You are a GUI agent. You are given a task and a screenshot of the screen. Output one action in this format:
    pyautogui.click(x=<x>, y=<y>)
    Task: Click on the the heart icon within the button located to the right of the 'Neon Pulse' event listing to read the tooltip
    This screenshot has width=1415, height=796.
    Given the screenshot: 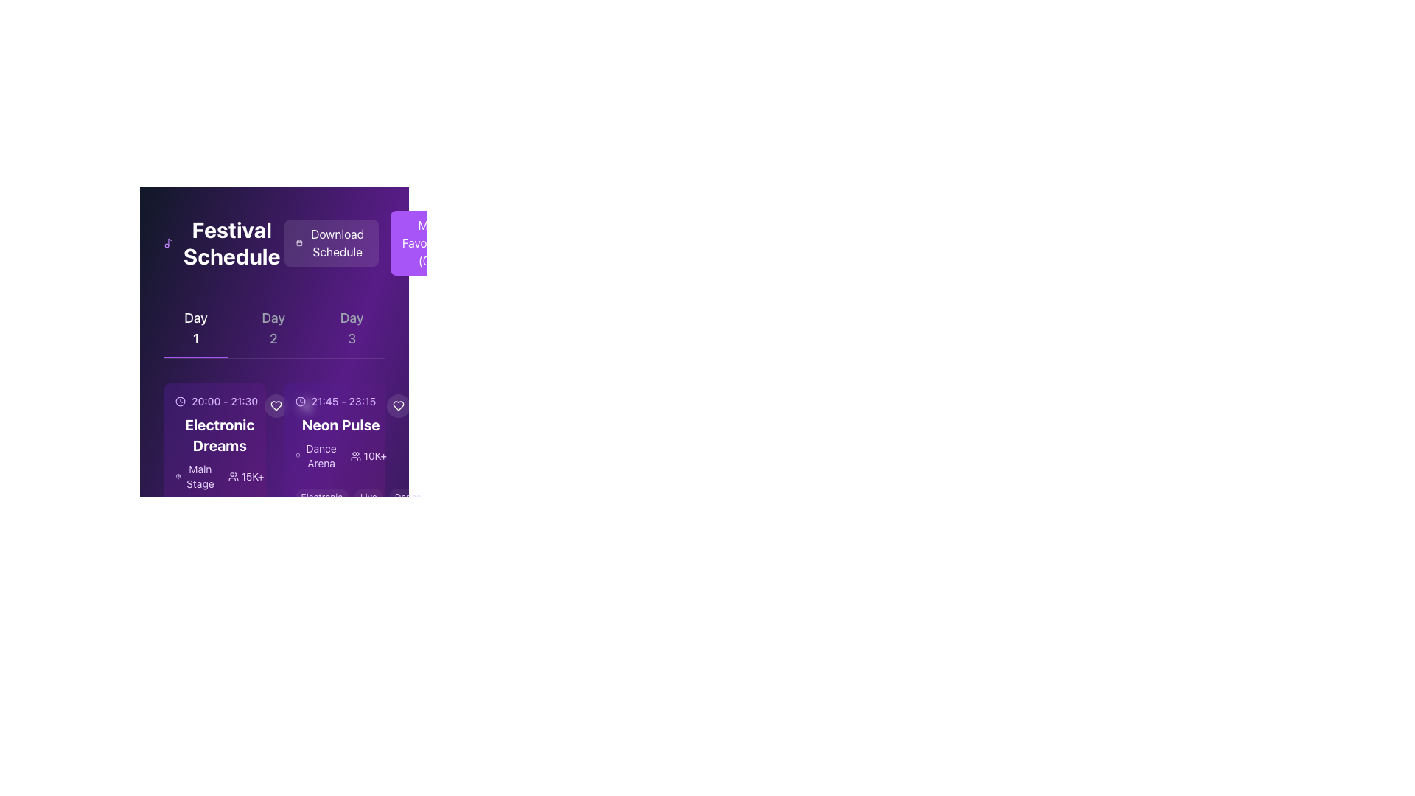 What is the action you would take?
    pyautogui.click(x=398, y=406)
    